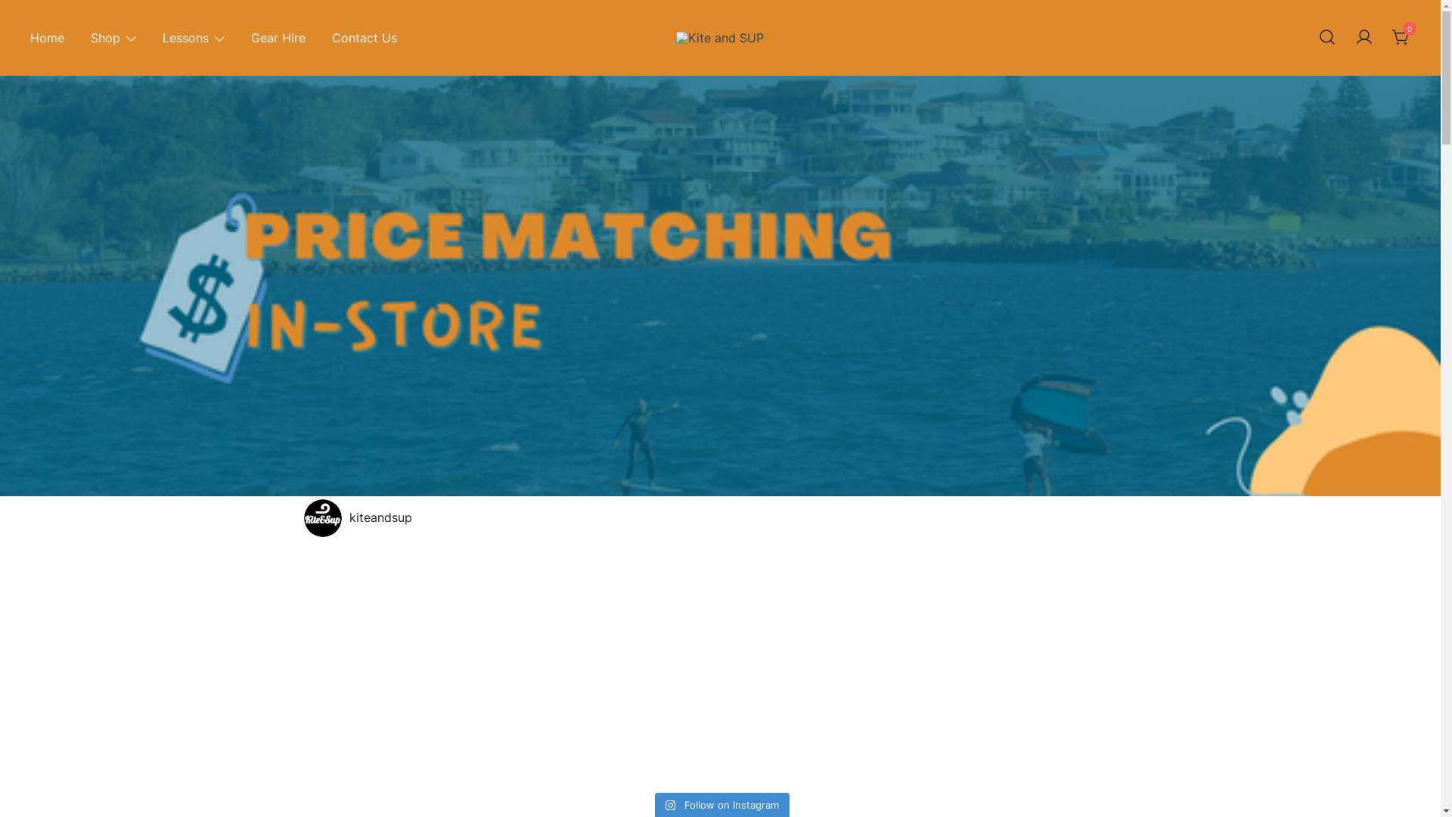 This screenshot has width=1452, height=817. What do you see at coordinates (1326, 36) in the screenshot?
I see `'Search for a product'` at bounding box center [1326, 36].